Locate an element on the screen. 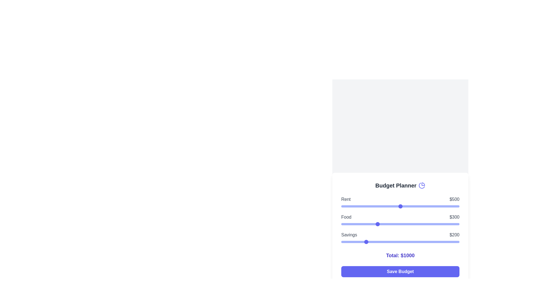 The height and width of the screenshot is (300, 534). the food budget slider to 174 dollars is located at coordinates (362, 224).